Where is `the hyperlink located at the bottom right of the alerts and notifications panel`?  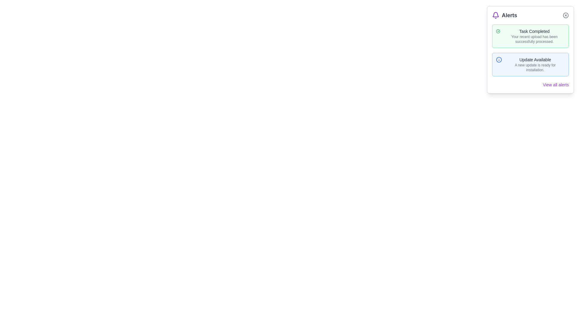
the hyperlink located at the bottom right of the alerts and notifications panel is located at coordinates (556, 85).